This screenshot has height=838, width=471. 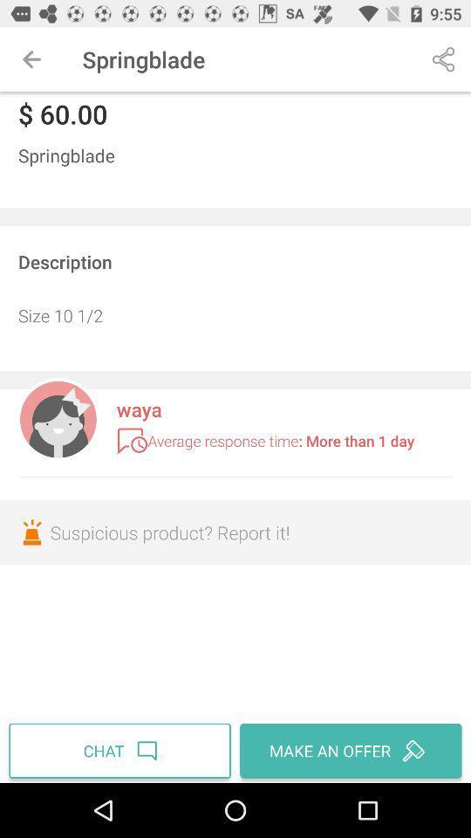 What do you see at coordinates (121, 750) in the screenshot?
I see `the item at the bottom left corner` at bounding box center [121, 750].